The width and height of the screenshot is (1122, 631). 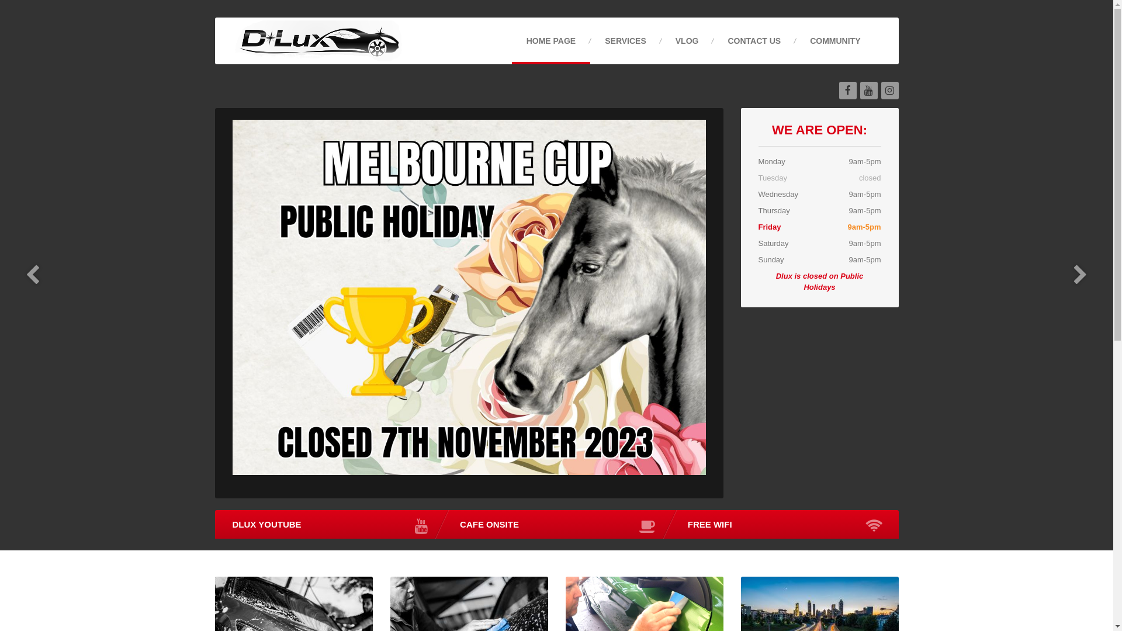 What do you see at coordinates (661, 40) in the screenshot?
I see `'VLOG'` at bounding box center [661, 40].